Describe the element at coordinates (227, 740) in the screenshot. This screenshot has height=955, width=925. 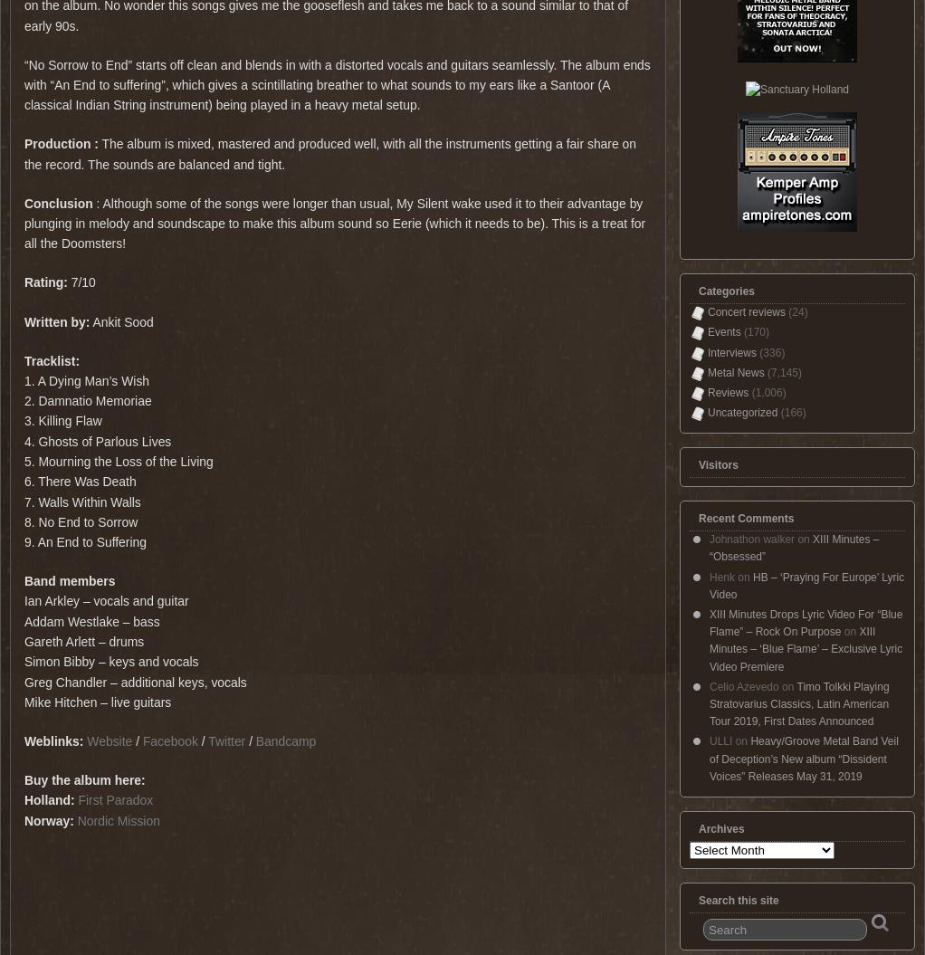
I see `'Twitter'` at that location.